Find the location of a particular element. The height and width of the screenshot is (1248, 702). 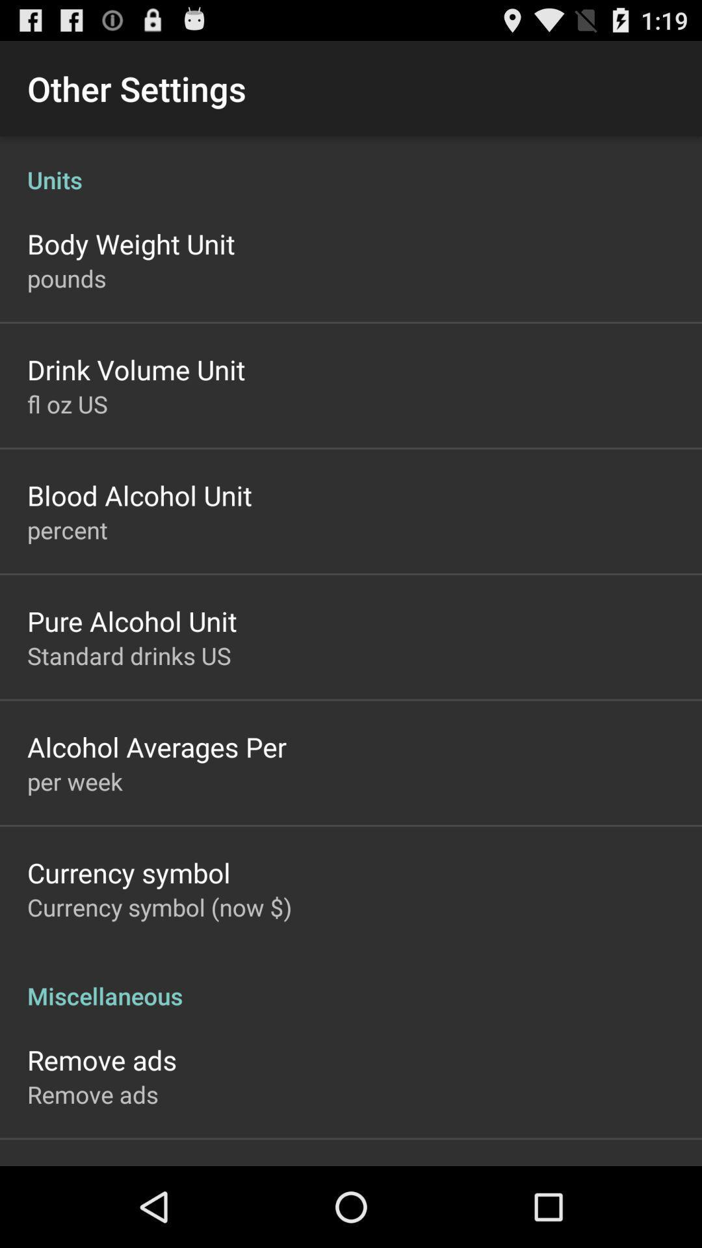

icon below the blood alcohol unit icon is located at coordinates (67, 530).